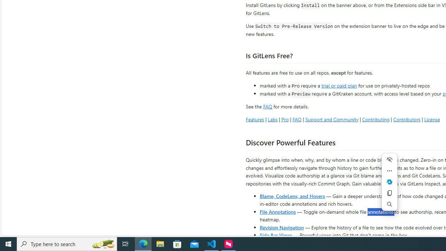 The width and height of the screenshot is (446, 251). I want to click on 'Mini menu on text selection', so click(389, 182).